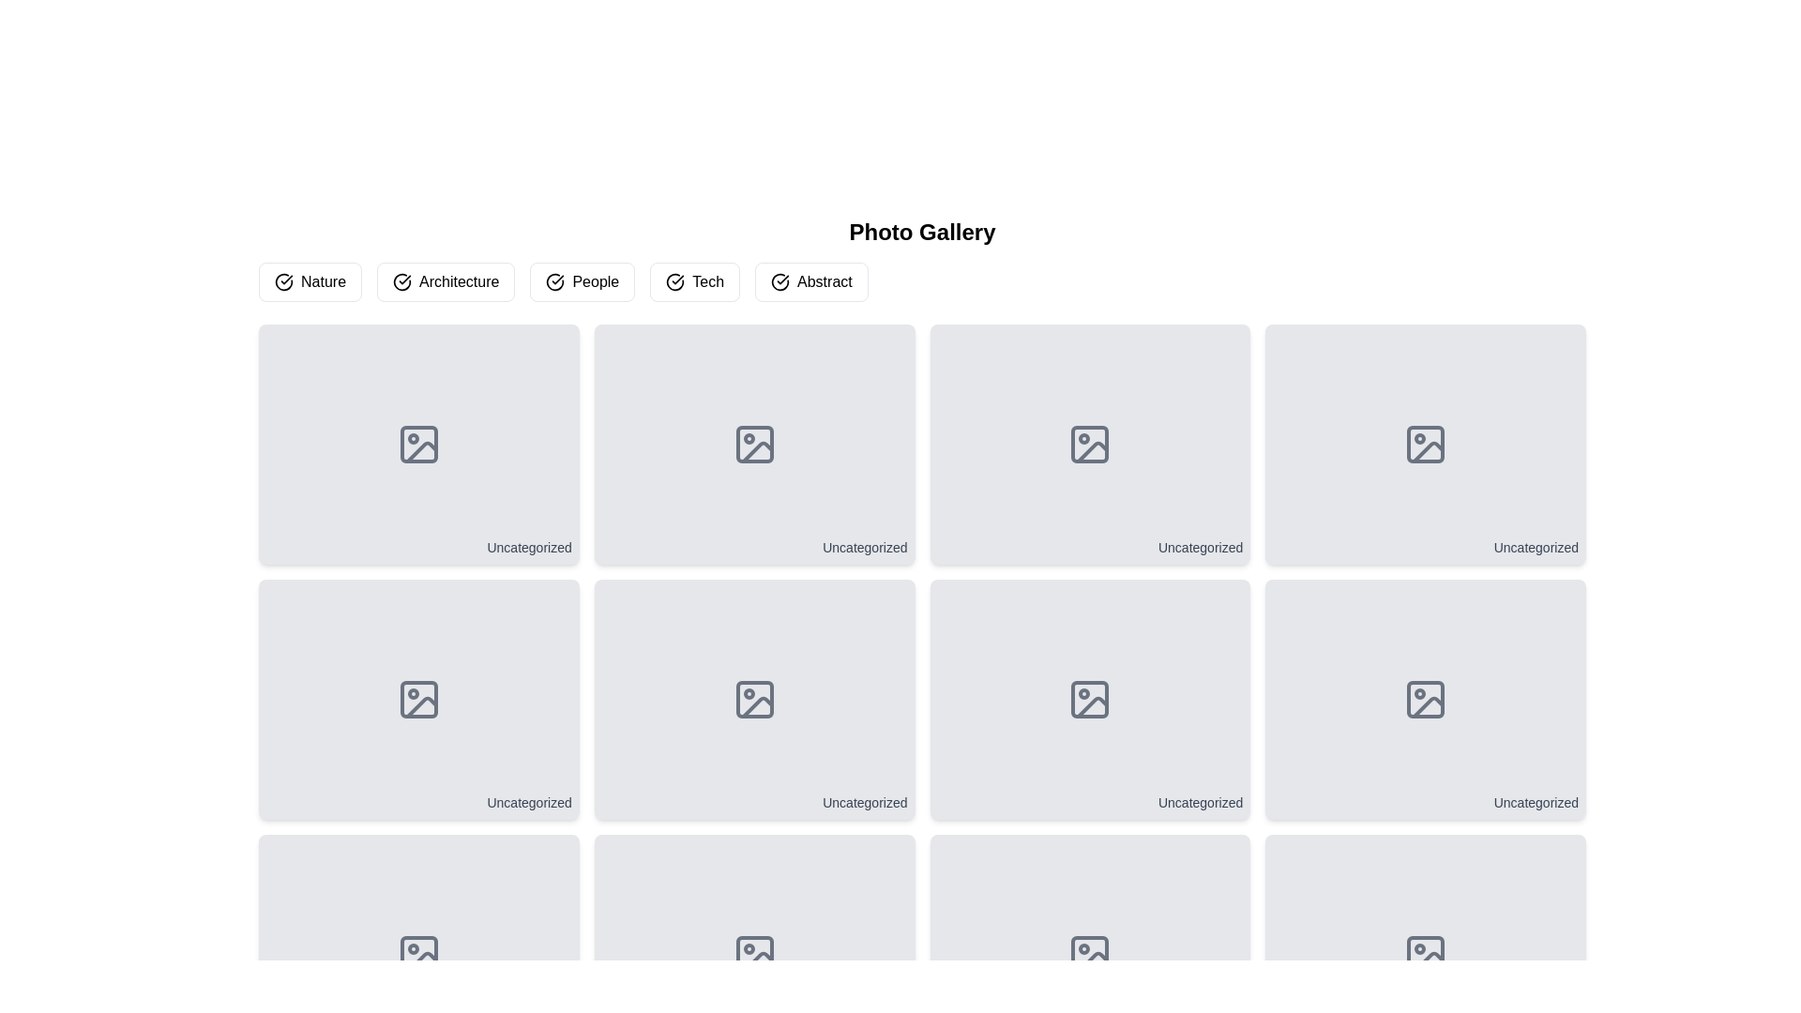 The height and width of the screenshot is (1013, 1801). I want to click on the 'Nature' button, which is the first button in a horizontal set of category filters, so click(310, 281).